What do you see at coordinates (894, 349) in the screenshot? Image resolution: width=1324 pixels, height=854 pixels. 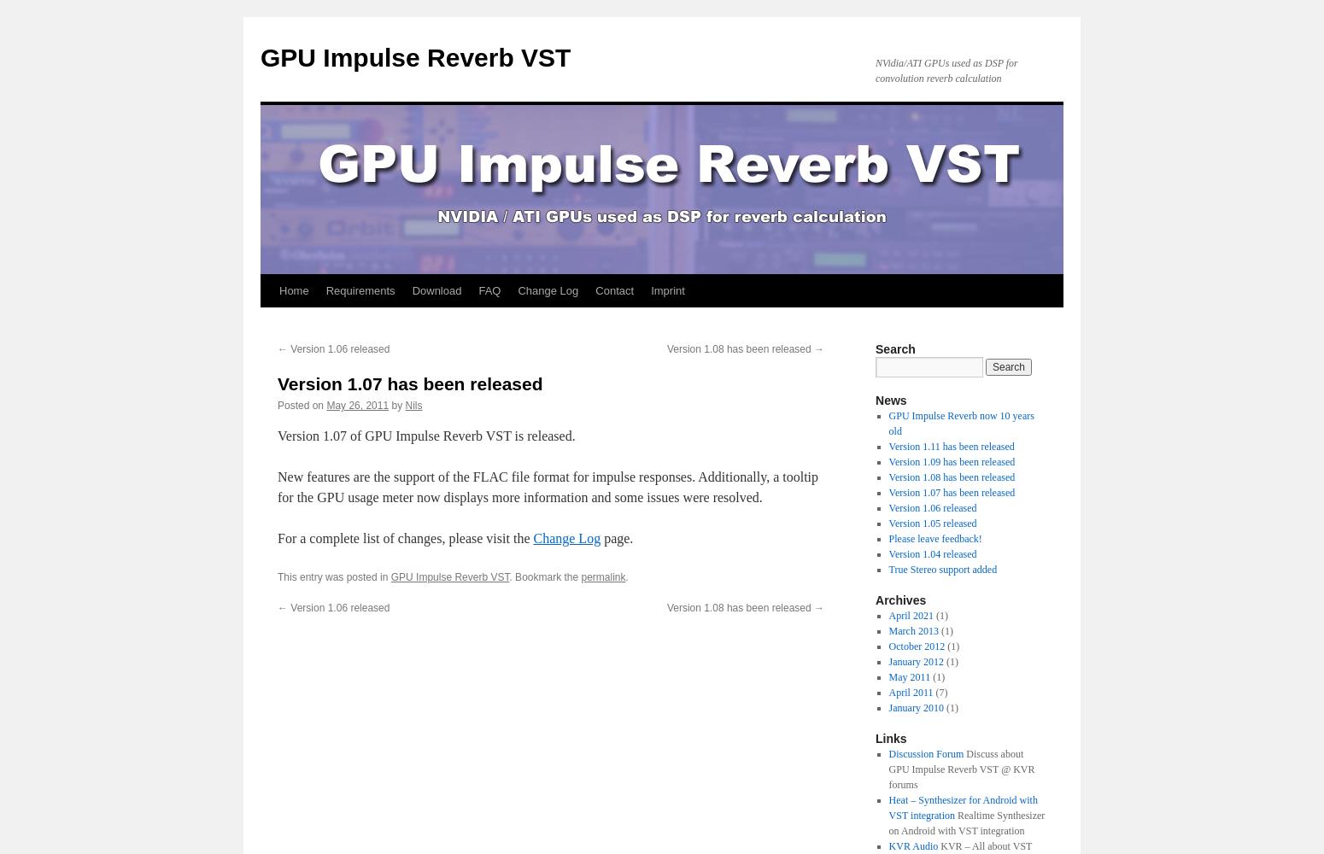 I see `'Search'` at bounding box center [894, 349].